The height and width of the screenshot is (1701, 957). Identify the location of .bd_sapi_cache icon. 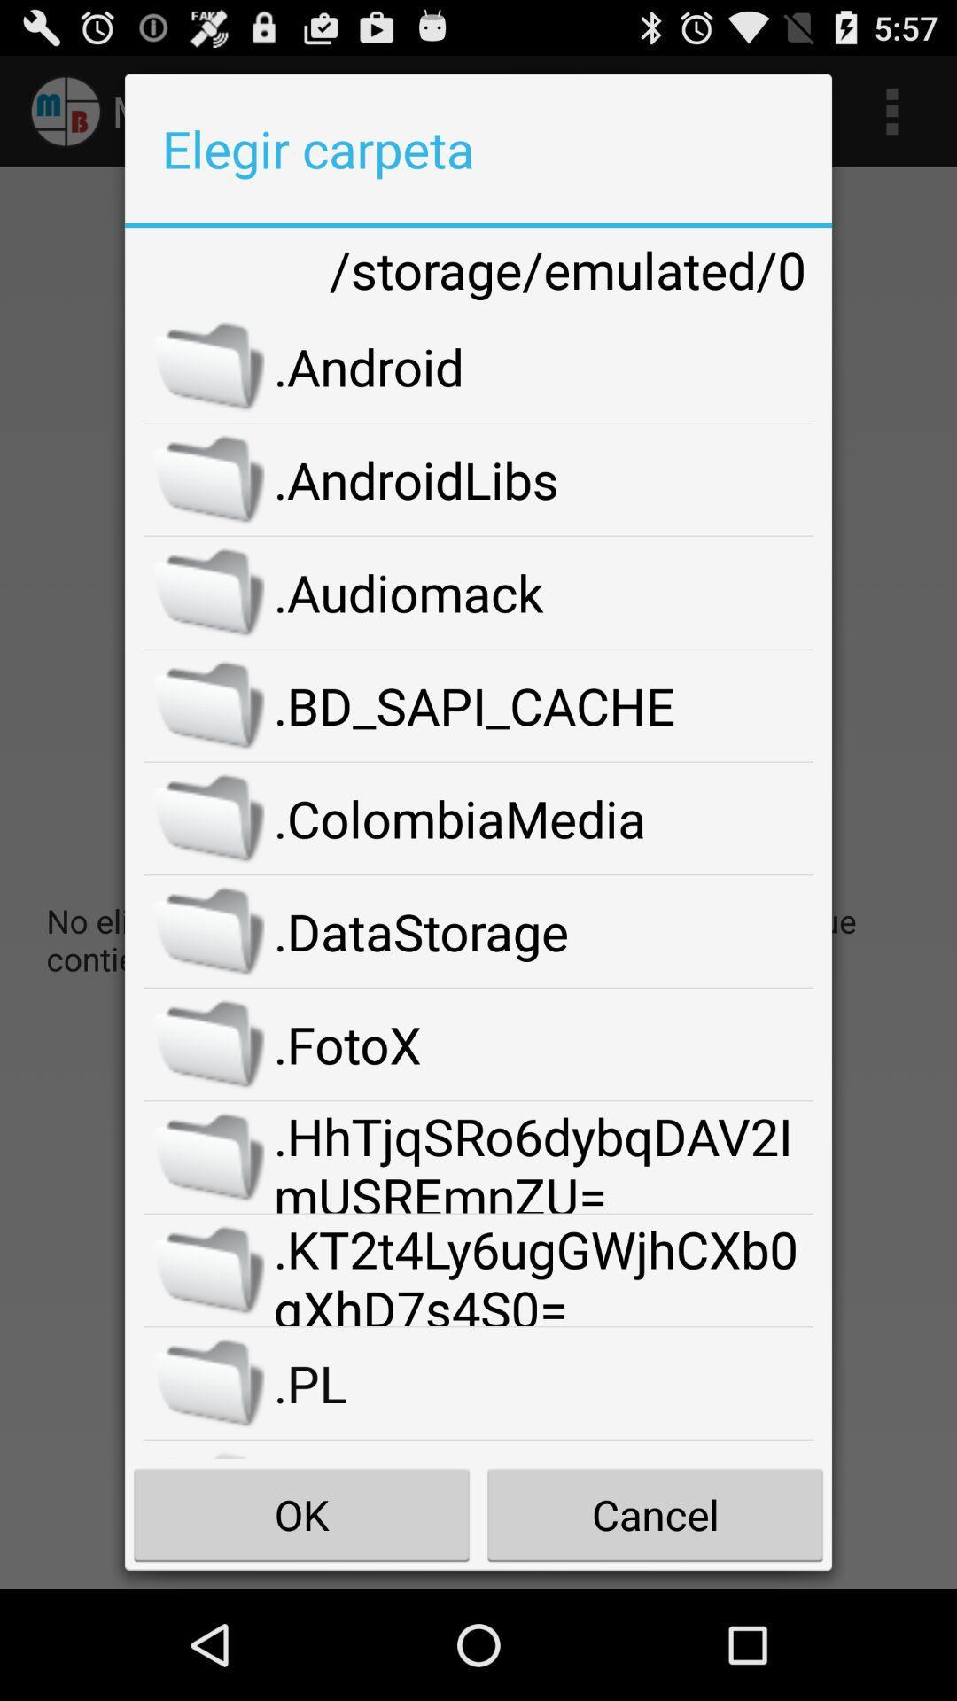
(542, 704).